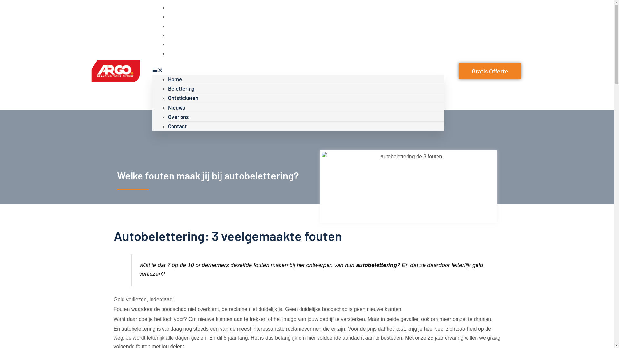 This screenshot has width=619, height=348. I want to click on 'Home', so click(174, 79).